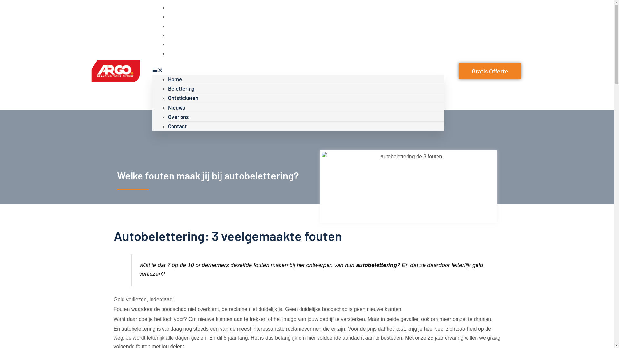 This screenshot has width=619, height=348. I want to click on 'Home', so click(174, 79).